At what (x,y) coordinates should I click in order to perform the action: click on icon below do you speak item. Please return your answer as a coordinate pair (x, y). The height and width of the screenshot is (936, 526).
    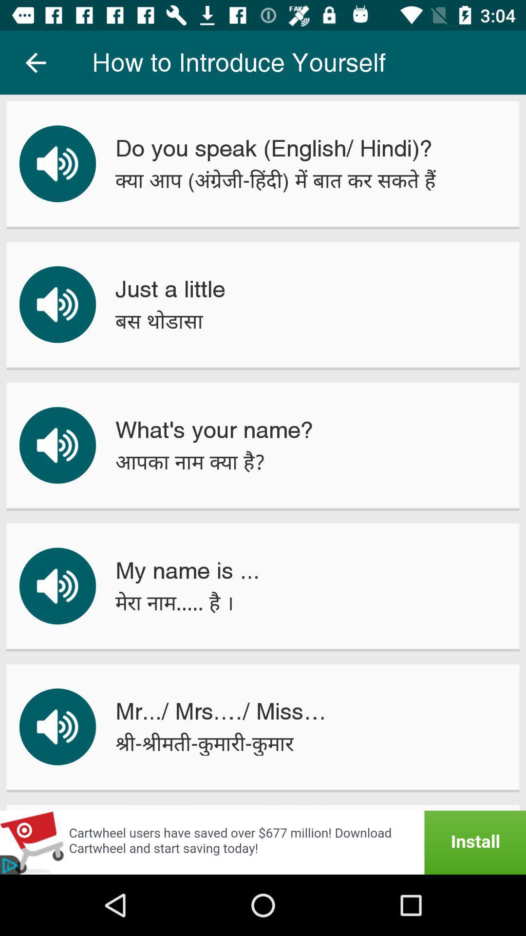
    Looking at the image, I should click on (275, 180).